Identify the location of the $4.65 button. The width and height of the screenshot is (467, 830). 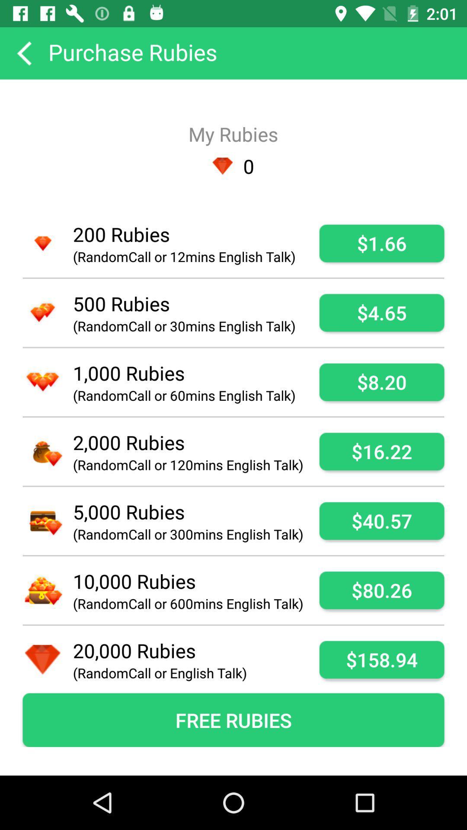
(381, 312).